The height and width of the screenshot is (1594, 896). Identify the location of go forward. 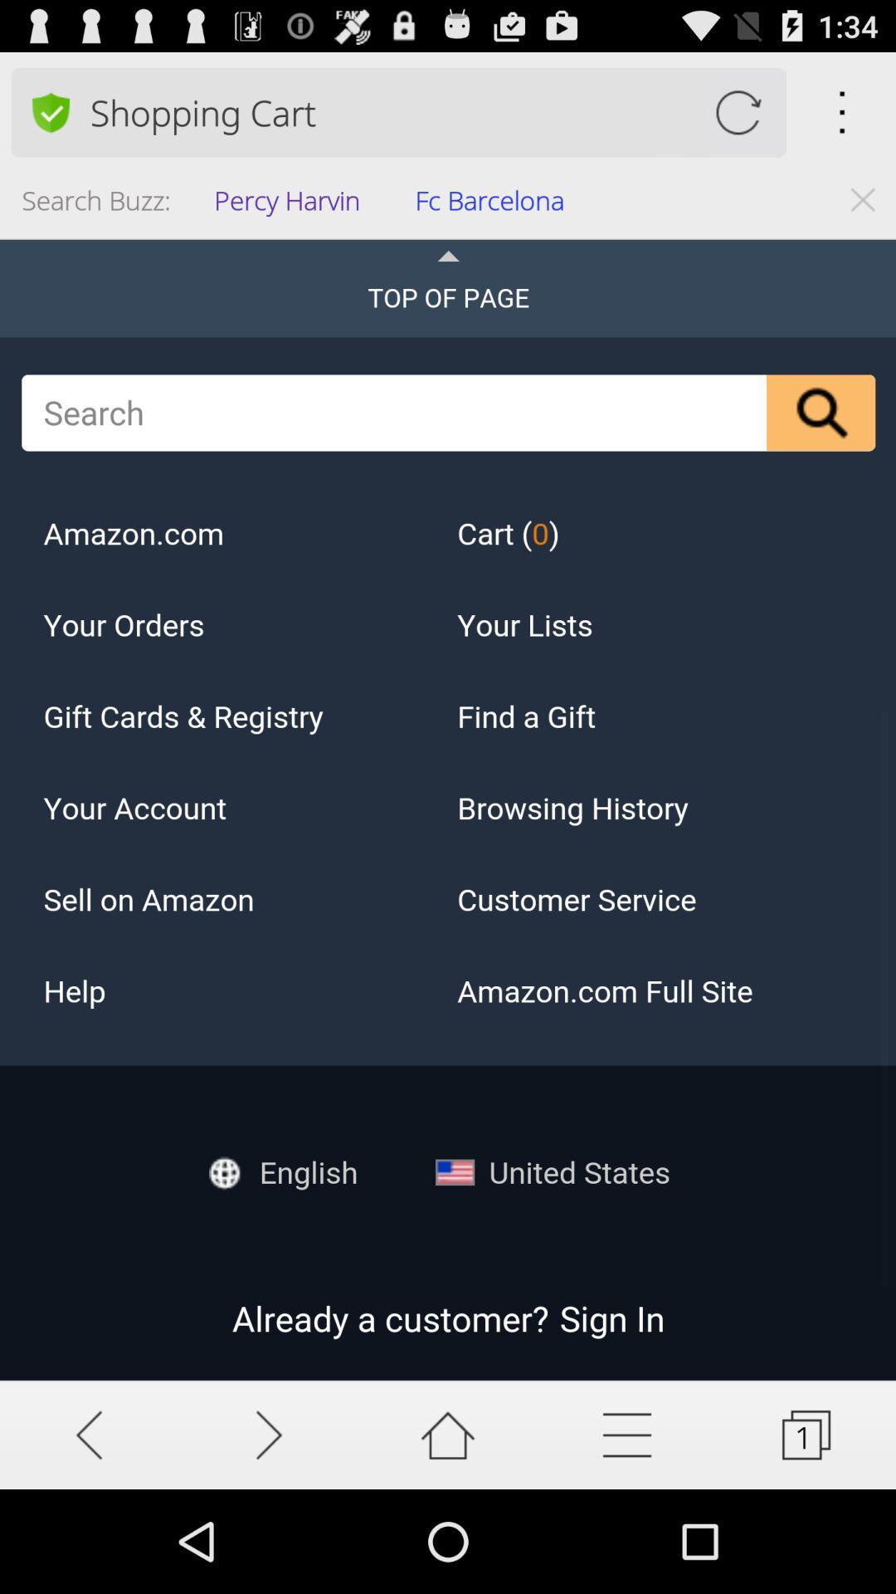
(268, 1434).